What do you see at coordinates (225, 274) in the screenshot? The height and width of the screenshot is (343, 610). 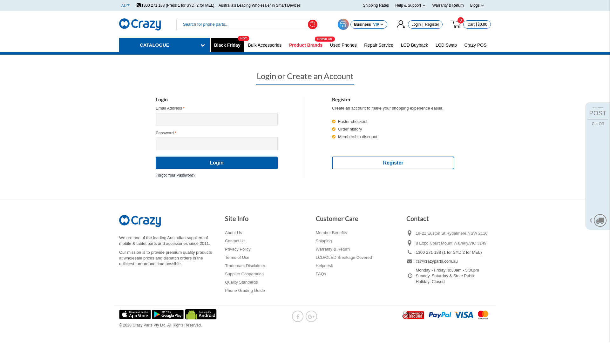 I see `'Supplier Cooperation'` at bounding box center [225, 274].